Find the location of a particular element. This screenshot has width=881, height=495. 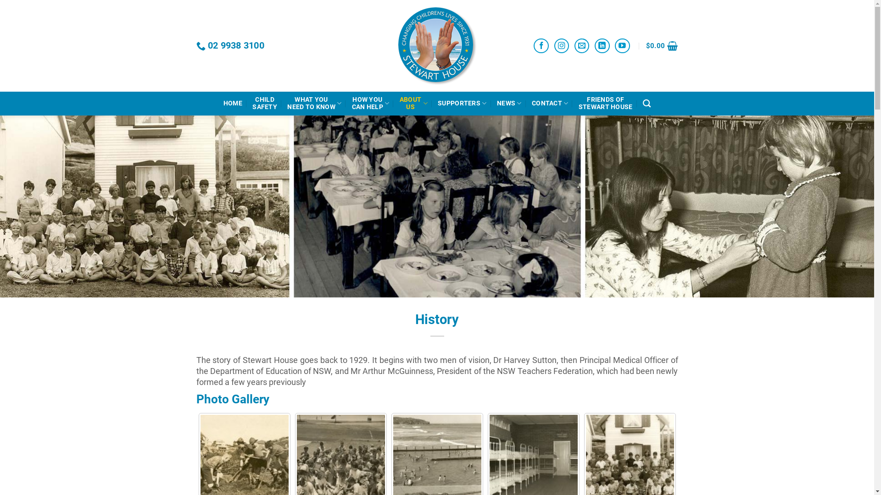

'HOW YOU is located at coordinates (370, 103).